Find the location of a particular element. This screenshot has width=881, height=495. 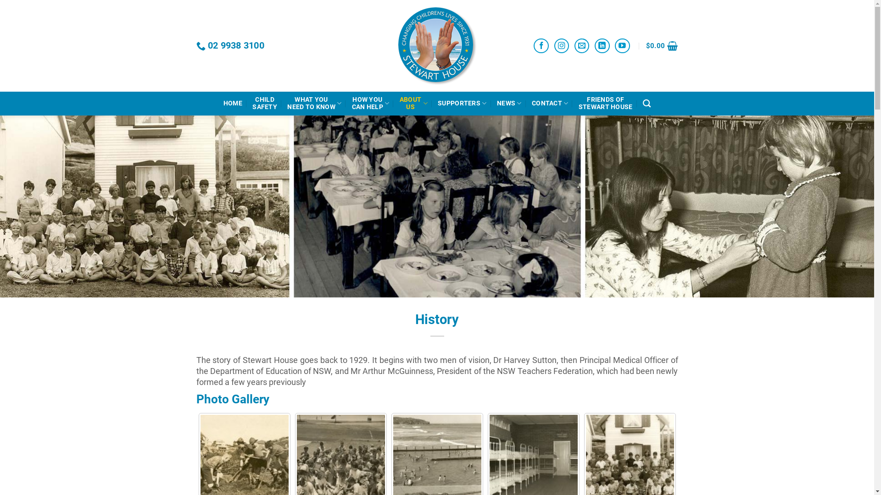

'HOW YOU is located at coordinates (370, 103).